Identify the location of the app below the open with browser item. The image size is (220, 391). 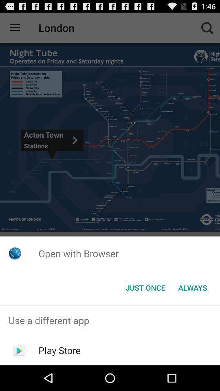
(192, 288).